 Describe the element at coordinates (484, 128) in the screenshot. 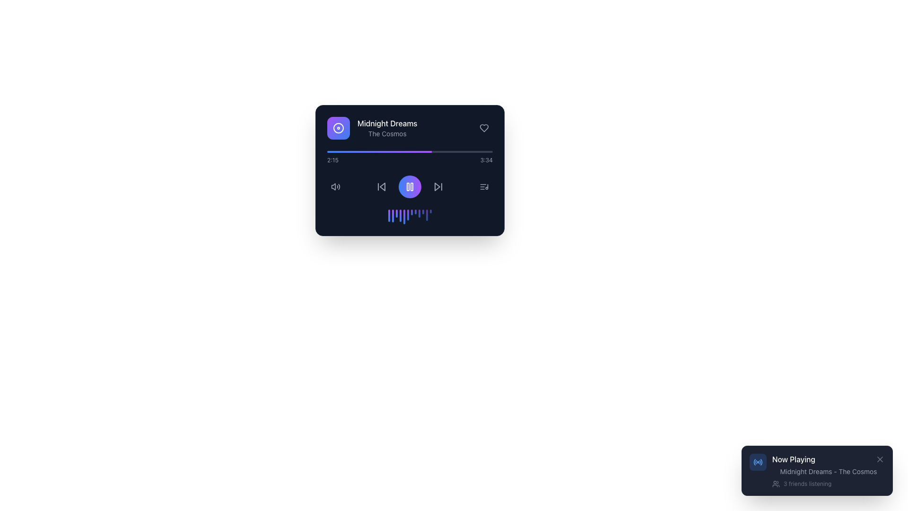

I see `the heart icon in the top-right corner of the music playback control interface` at that location.